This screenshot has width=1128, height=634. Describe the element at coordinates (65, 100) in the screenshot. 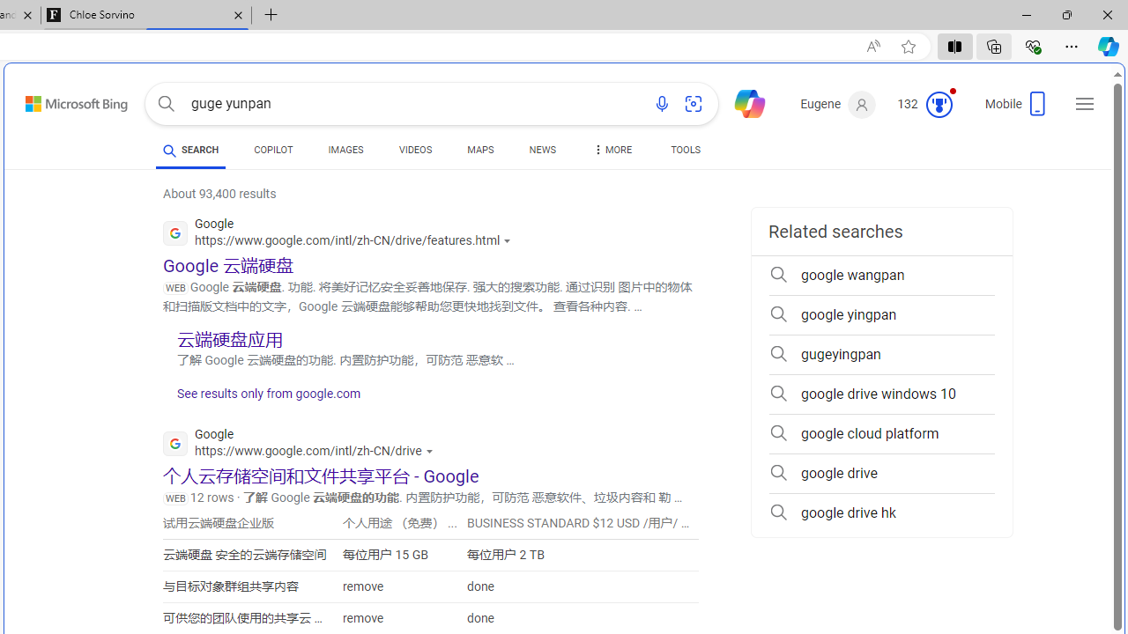

I see `'Back to Bing search'` at that location.